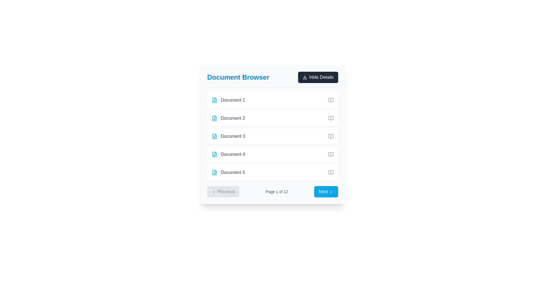 Image resolution: width=542 pixels, height=305 pixels. Describe the element at coordinates (228, 136) in the screenshot. I see `the third list item labeled 'Document 3' in the document list` at that location.